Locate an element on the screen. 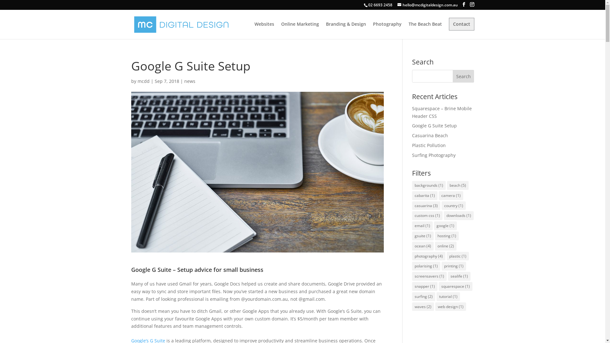 Image resolution: width=610 pixels, height=343 pixels. 'gsuite (1)' is located at coordinates (423, 236).